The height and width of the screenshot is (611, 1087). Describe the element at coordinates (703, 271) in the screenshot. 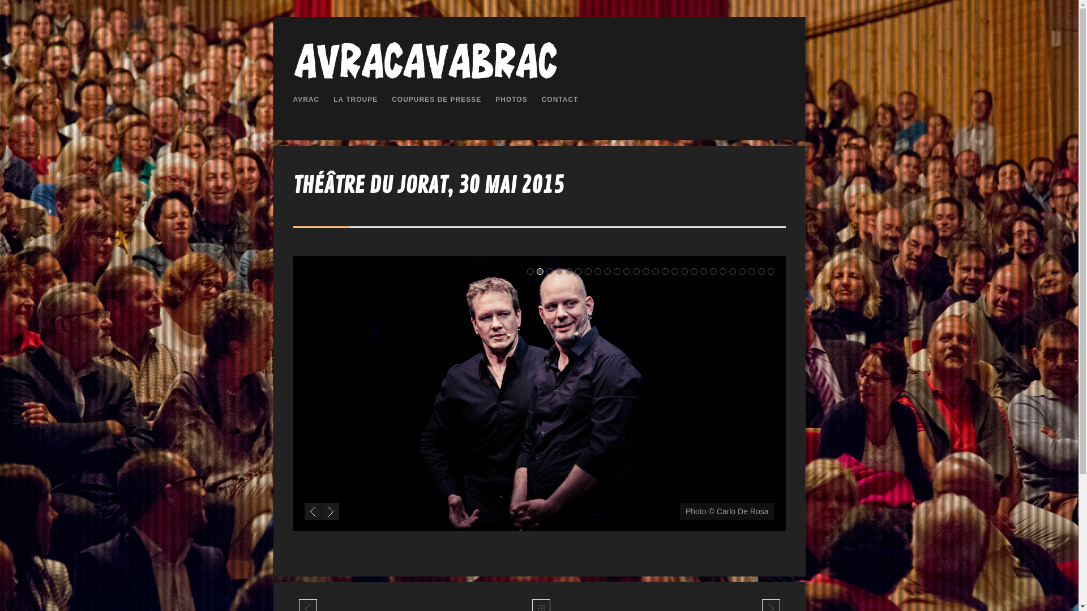

I see `'19'` at that location.